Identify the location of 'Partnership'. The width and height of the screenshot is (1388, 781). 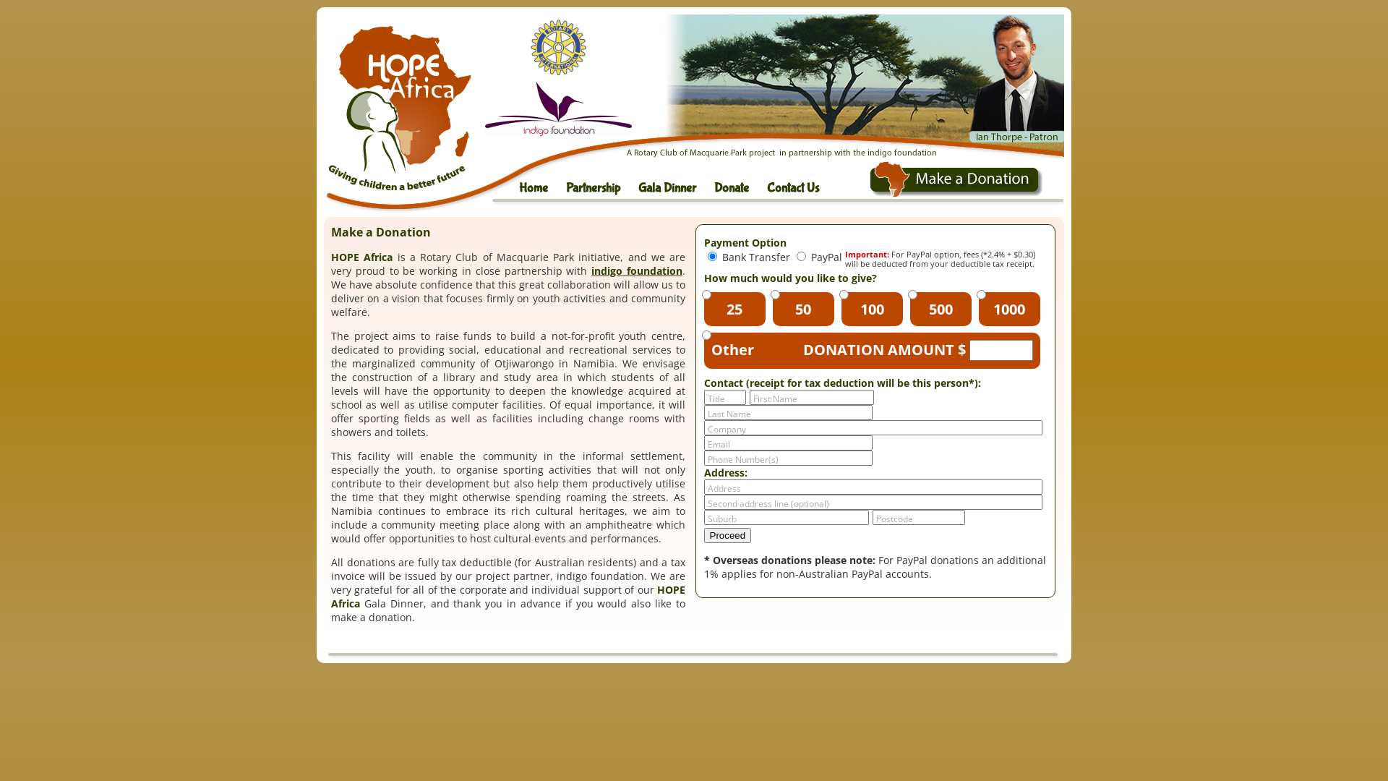
(602, 184).